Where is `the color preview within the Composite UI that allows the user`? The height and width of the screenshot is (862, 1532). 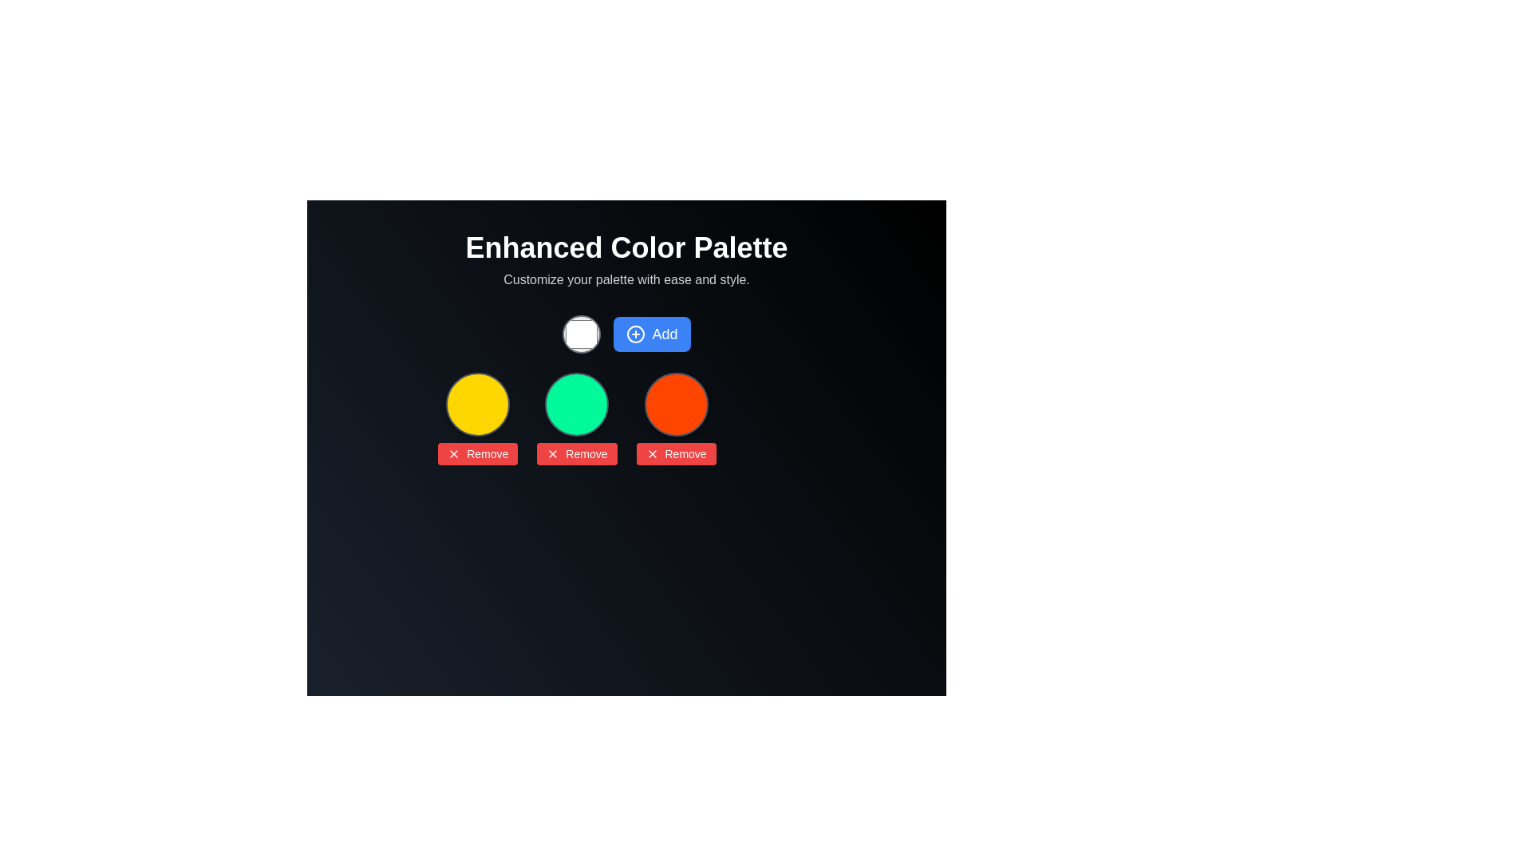
the color preview within the Composite UI that allows the user is located at coordinates (626, 334).